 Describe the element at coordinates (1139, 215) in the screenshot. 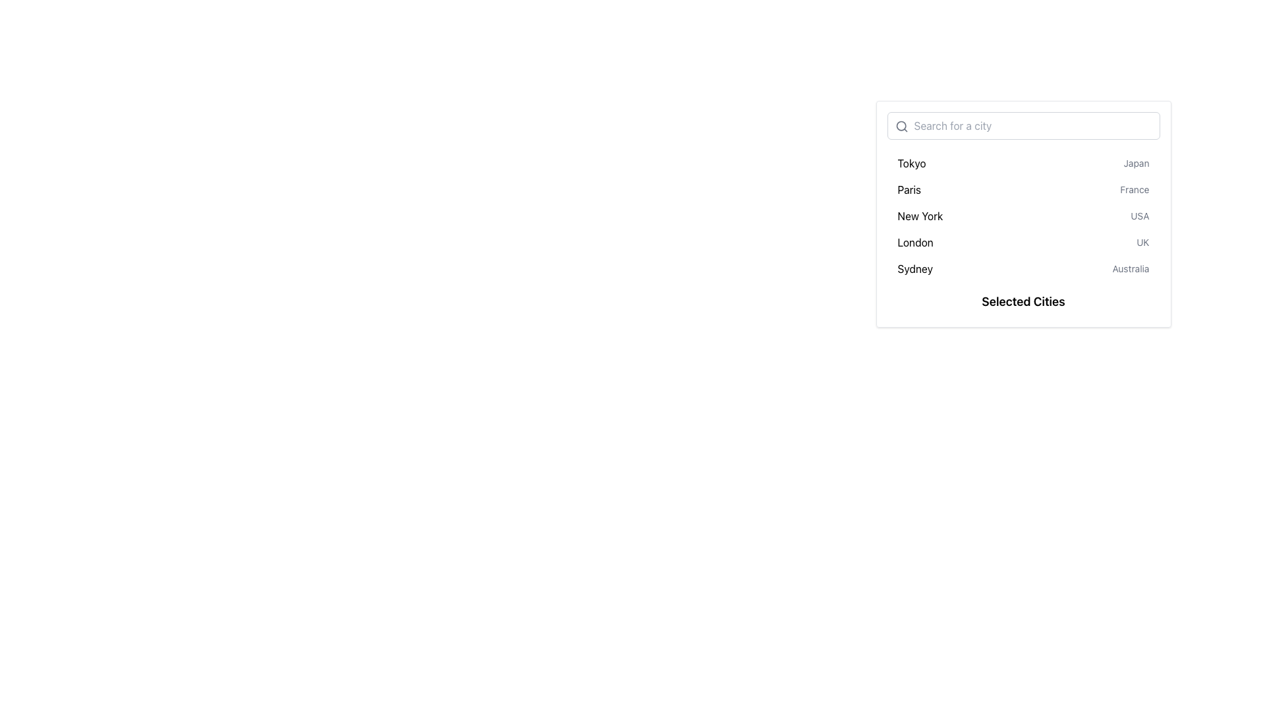

I see `the text label indicating the country associated with the city 'New York', which is aligned to the right end of the 'New York' row in the city listing` at that location.